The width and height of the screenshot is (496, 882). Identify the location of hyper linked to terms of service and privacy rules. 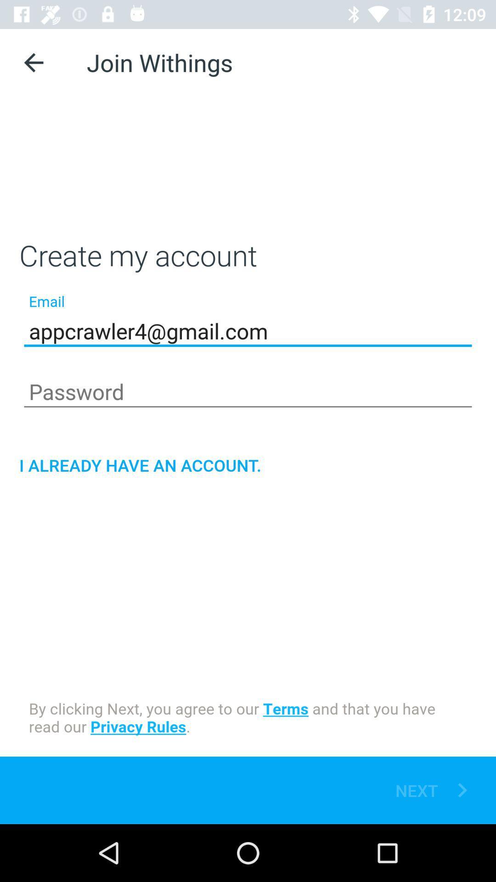
(248, 718).